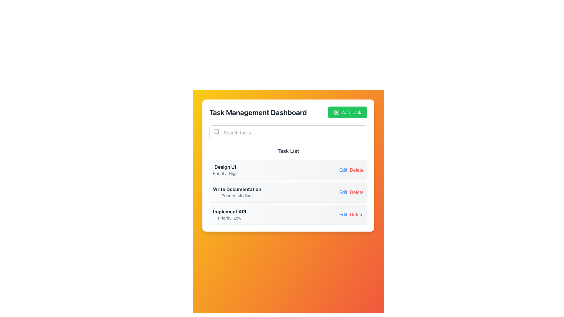 This screenshot has height=317, width=564. Describe the element at coordinates (336, 112) in the screenshot. I see `the circular outline of the '+' icon located at the center of the 'Add Task' button in the task management dashboard interface` at that location.